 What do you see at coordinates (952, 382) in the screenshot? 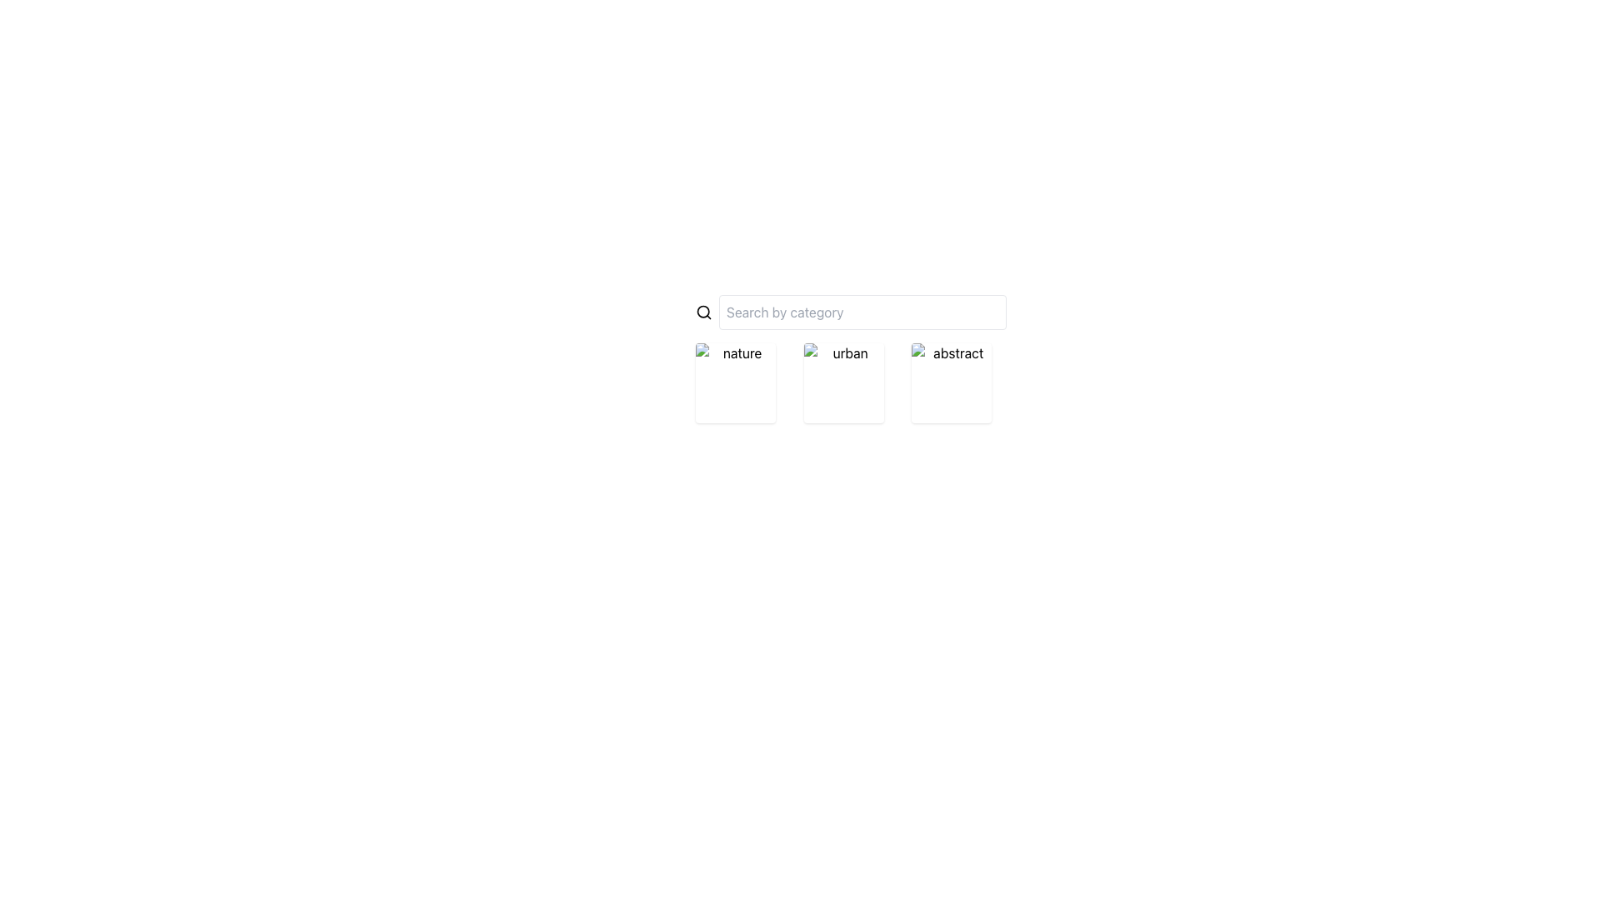
I see `the 'abstract' selectable tile, which is the last tile in a row of three tiles labeled 'nature', 'urban', and 'abstract'` at bounding box center [952, 382].